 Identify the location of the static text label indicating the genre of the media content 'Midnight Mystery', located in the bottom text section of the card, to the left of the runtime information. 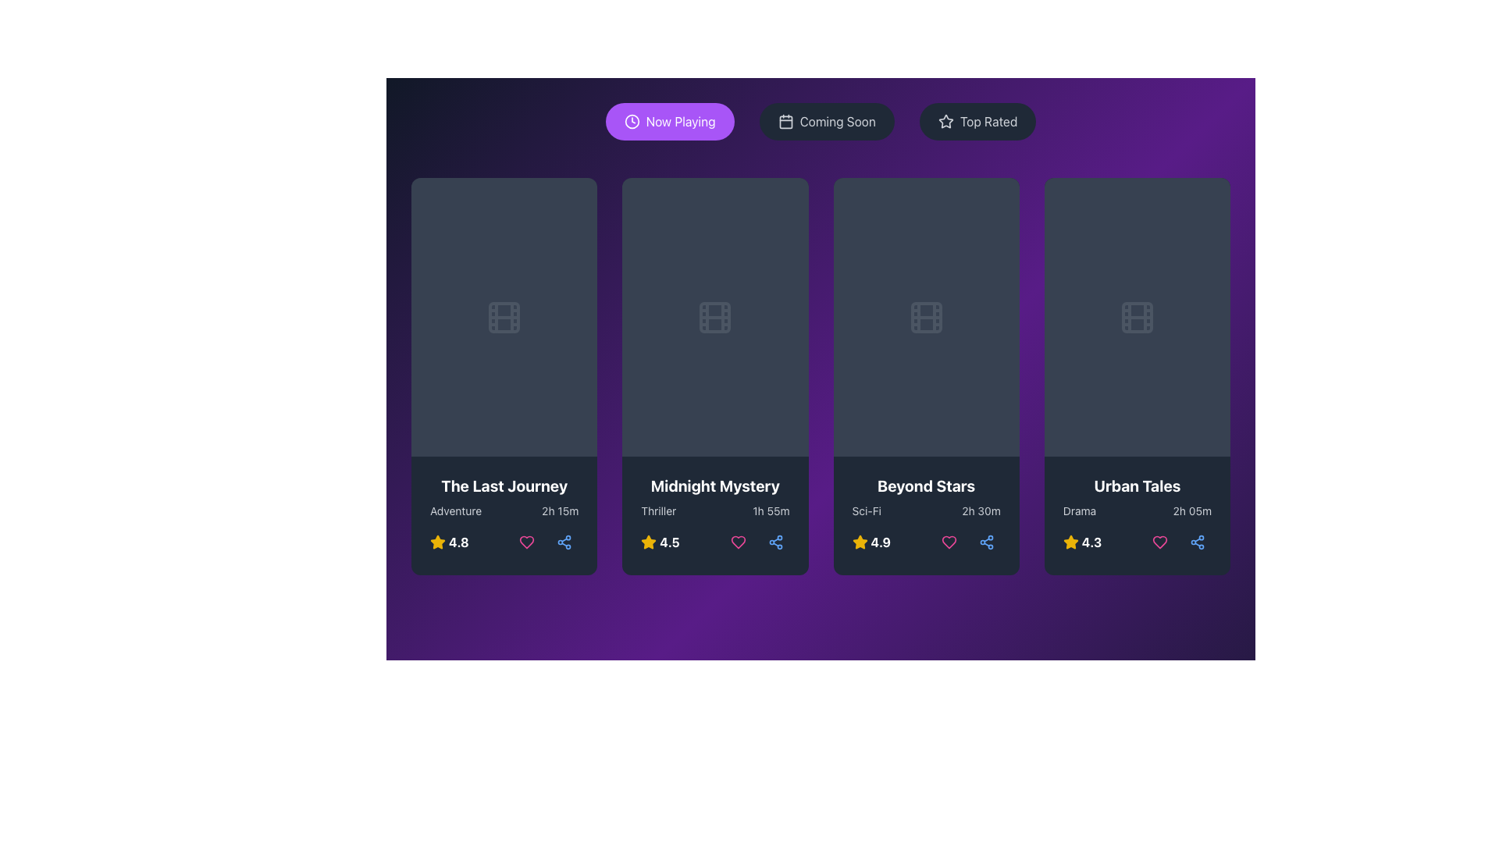
(658, 511).